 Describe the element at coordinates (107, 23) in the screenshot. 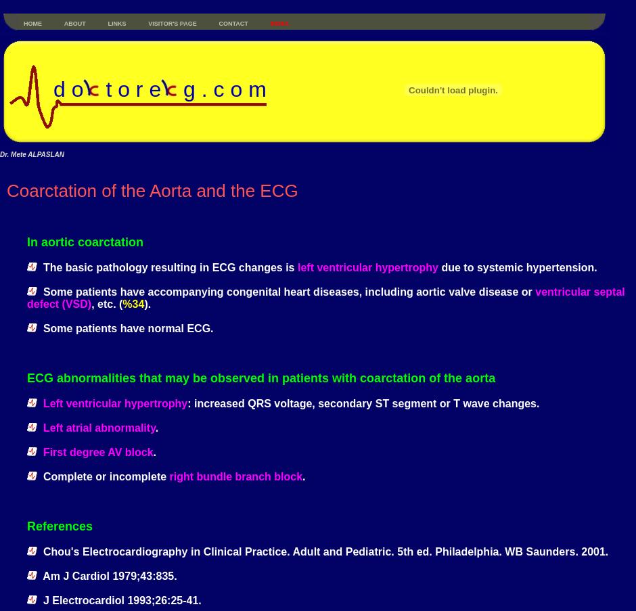

I see `'LINKS'` at that location.